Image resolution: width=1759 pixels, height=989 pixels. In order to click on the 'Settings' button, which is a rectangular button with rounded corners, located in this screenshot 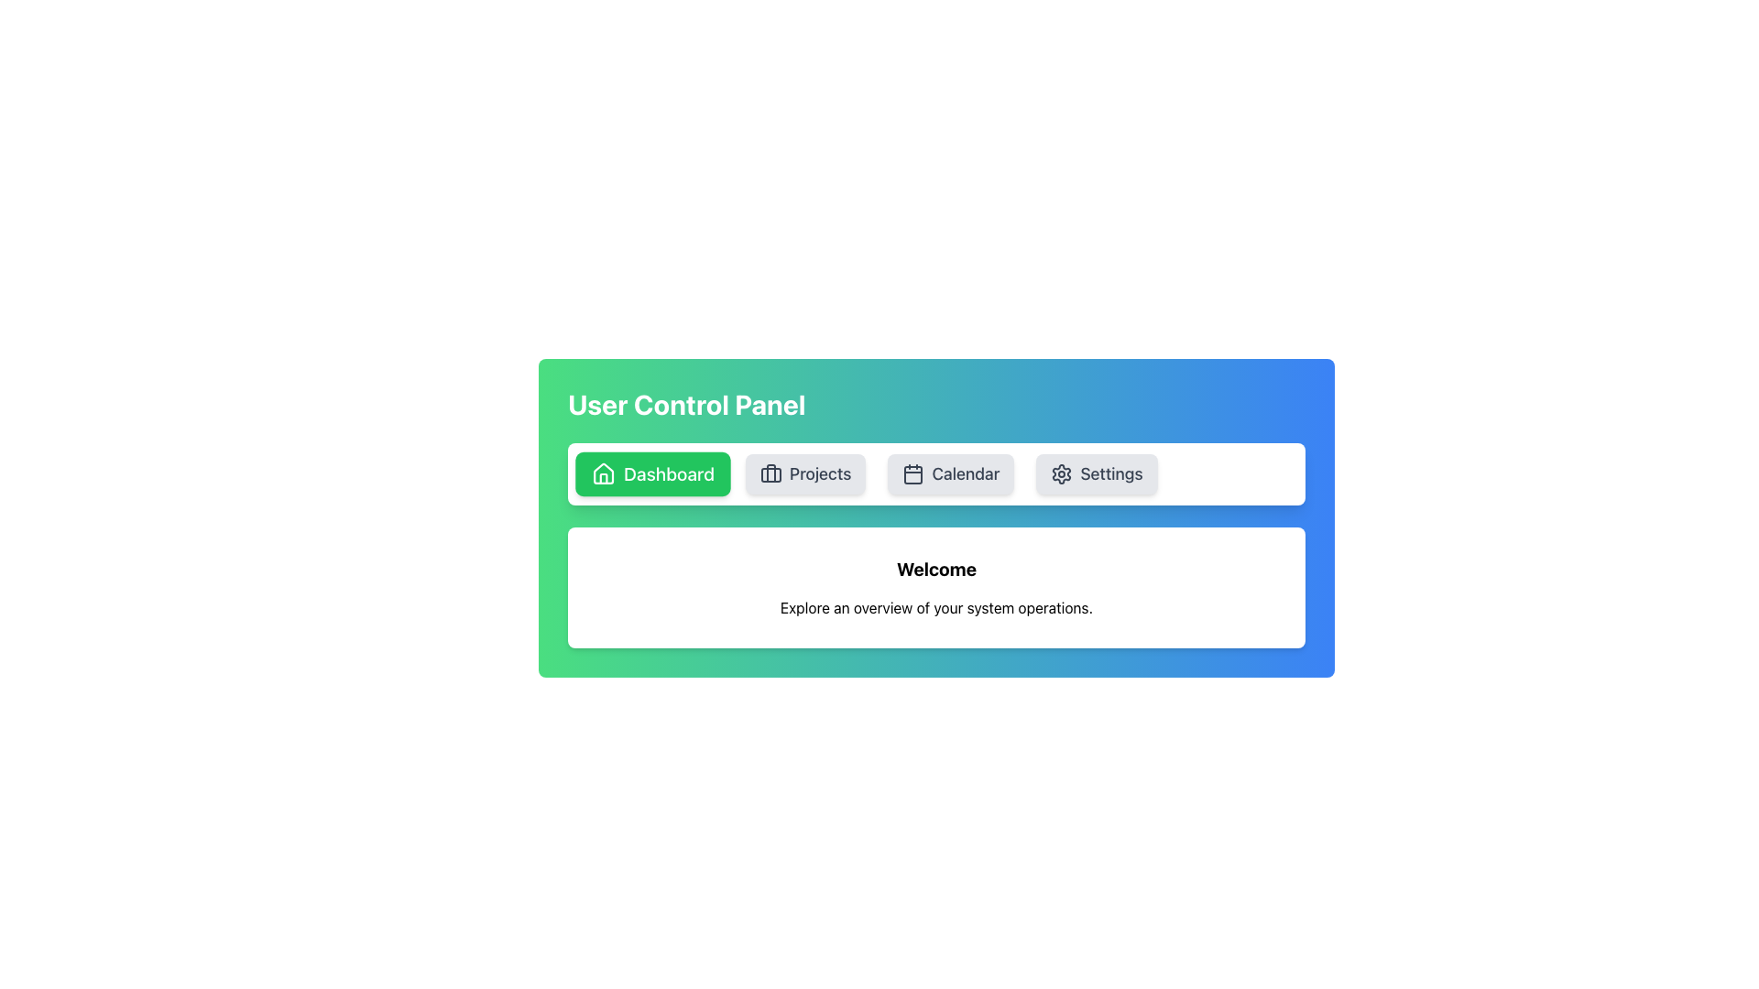, I will do `click(1097, 473)`.